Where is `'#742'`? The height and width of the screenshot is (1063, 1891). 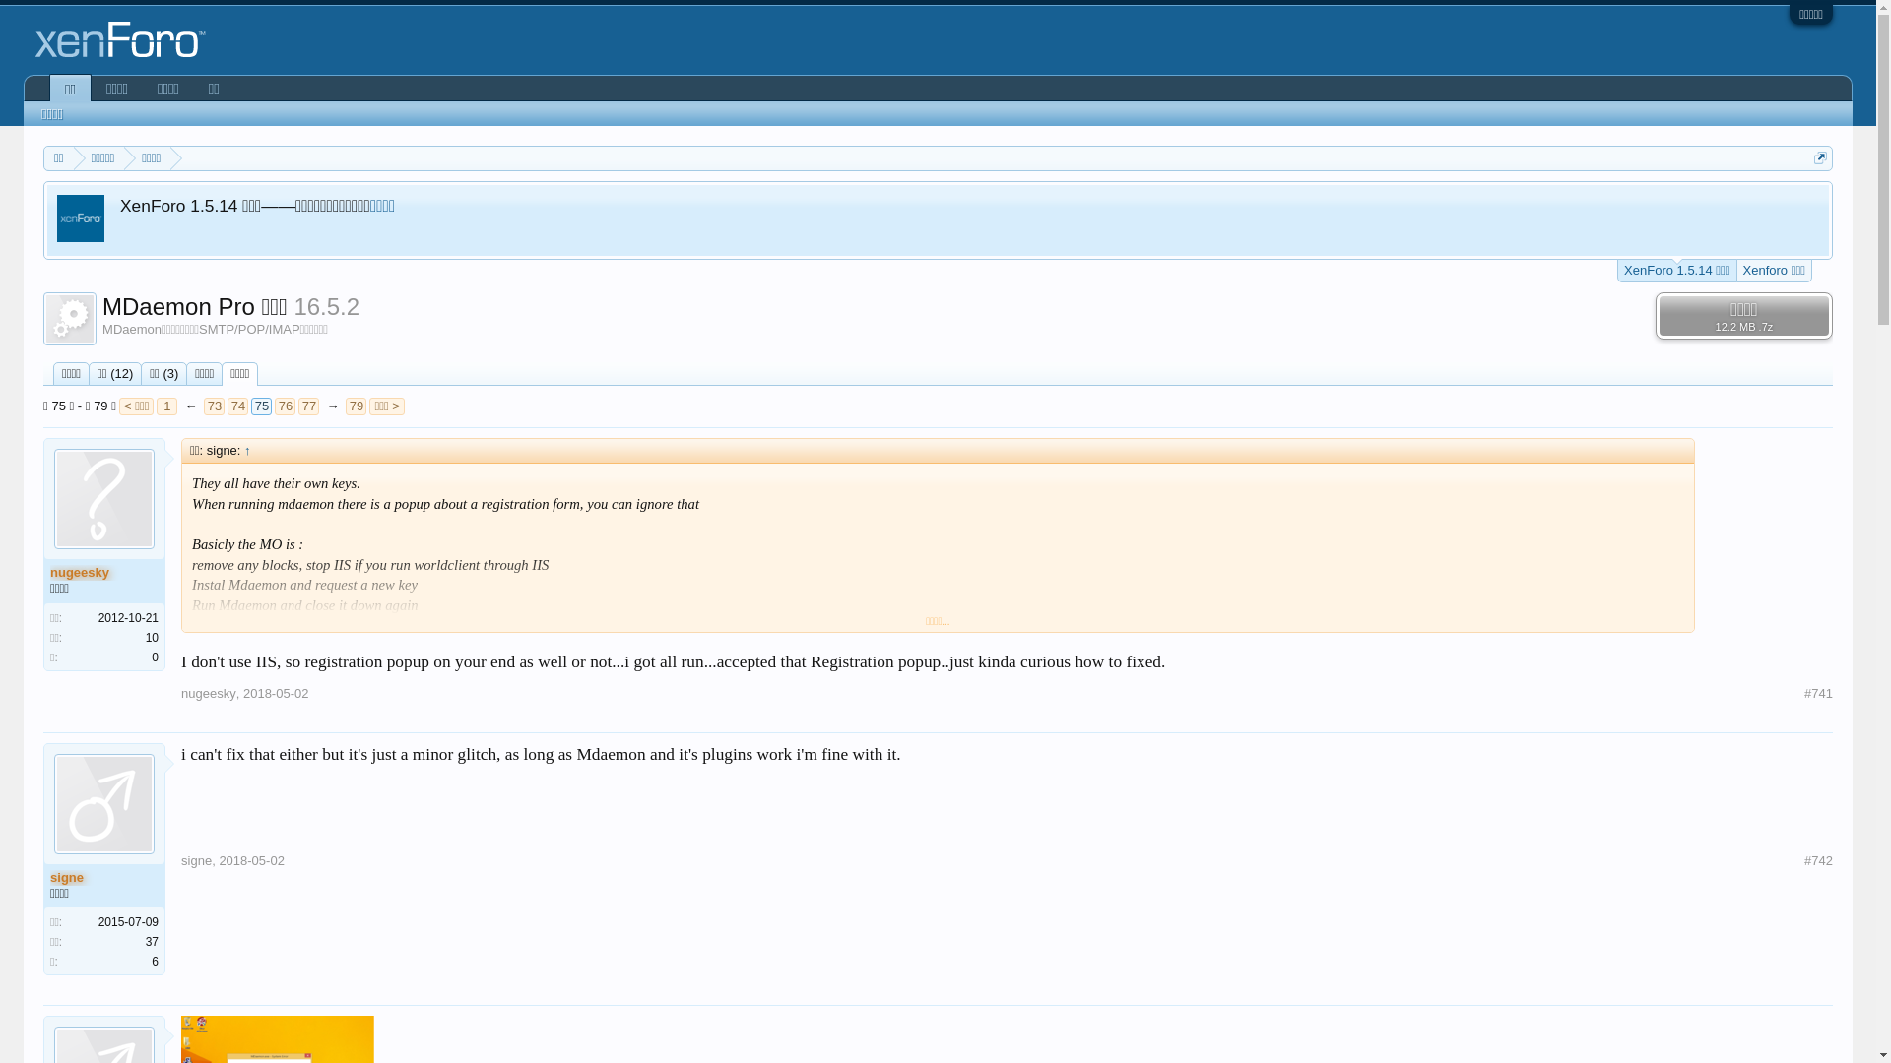
'#742' is located at coordinates (1817, 860).